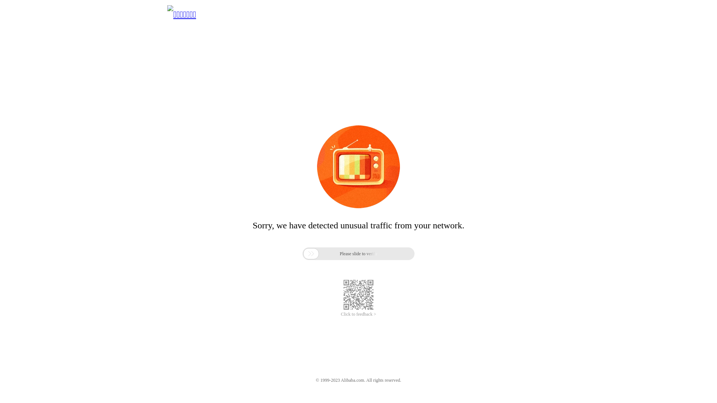 This screenshot has height=403, width=717. Describe the element at coordinates (358, 314) in the screenshot. I see `'Click to feedback >'` at that location.